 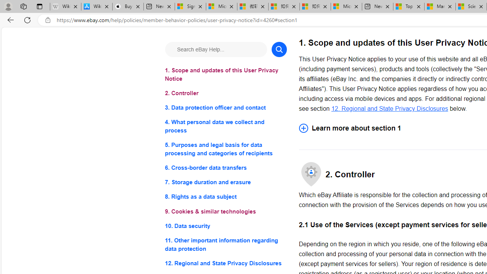 What do you see at coordinates (225, 93) in the screenshot?
I see `'2. Controller'` at bounding box center [225, 93].